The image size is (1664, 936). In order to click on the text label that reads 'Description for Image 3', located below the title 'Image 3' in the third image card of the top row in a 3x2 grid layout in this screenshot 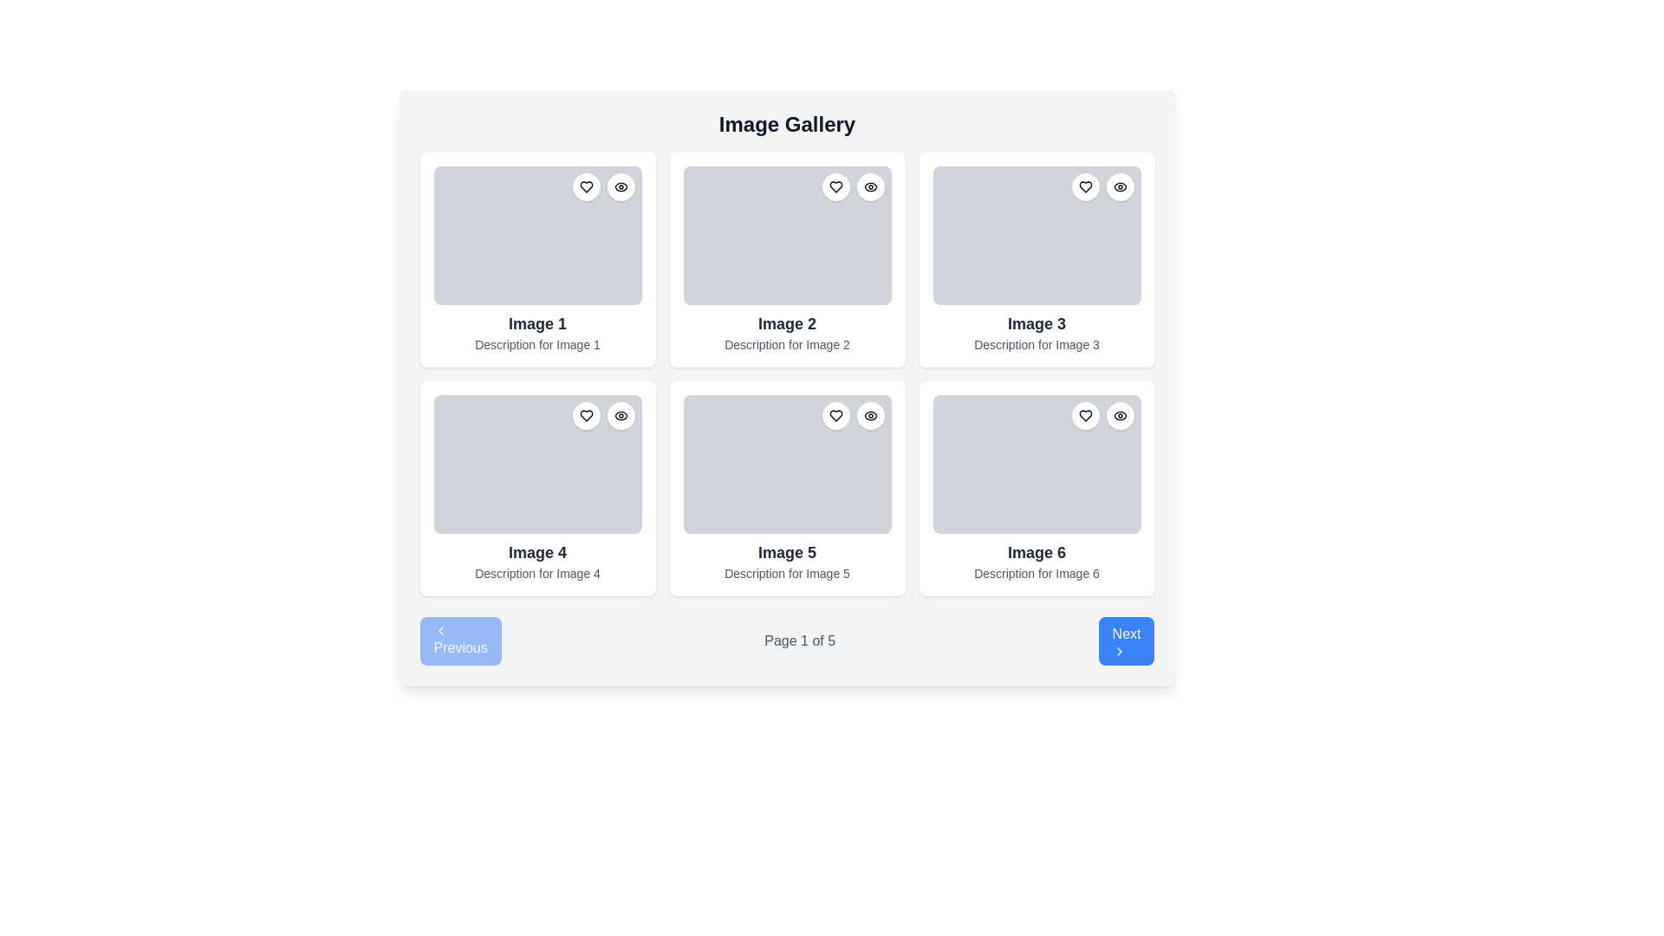, I will do `click(1037, 344)`.